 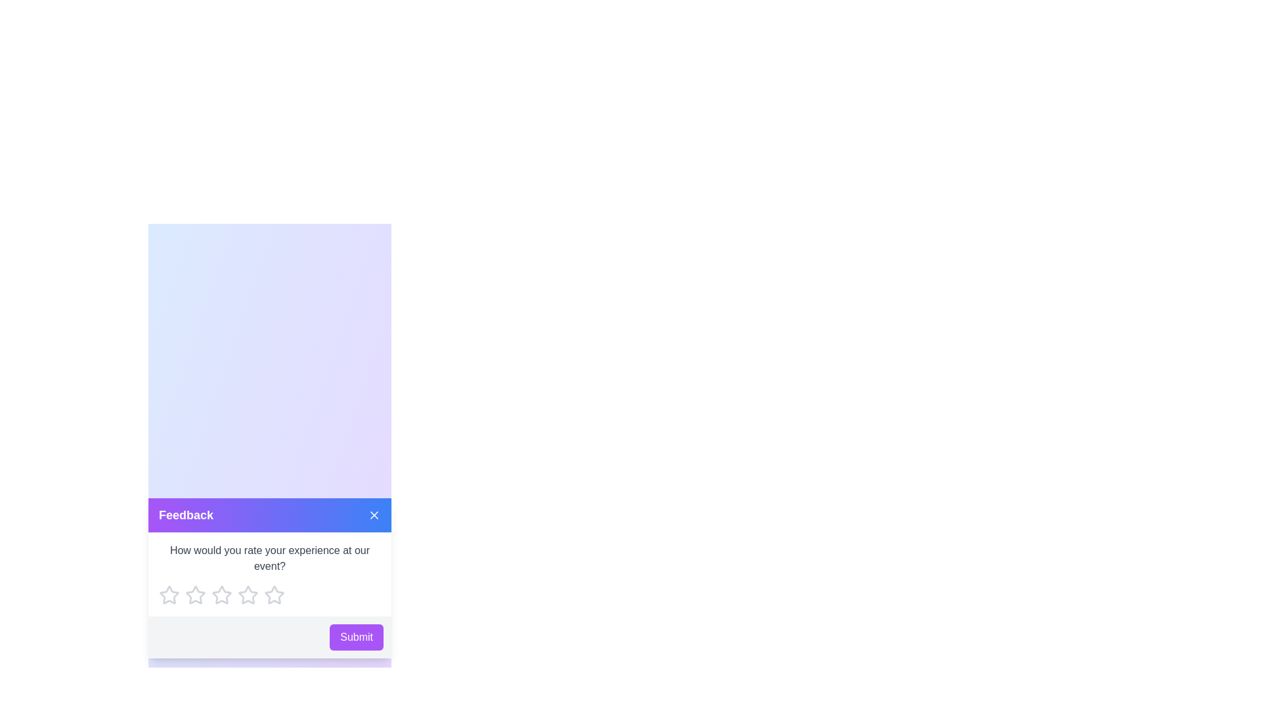 What do you see at coordinates (194, 595) in the screenshot?
I see `the third star rating icon in the feedback form` at bounding box center [194, 595].